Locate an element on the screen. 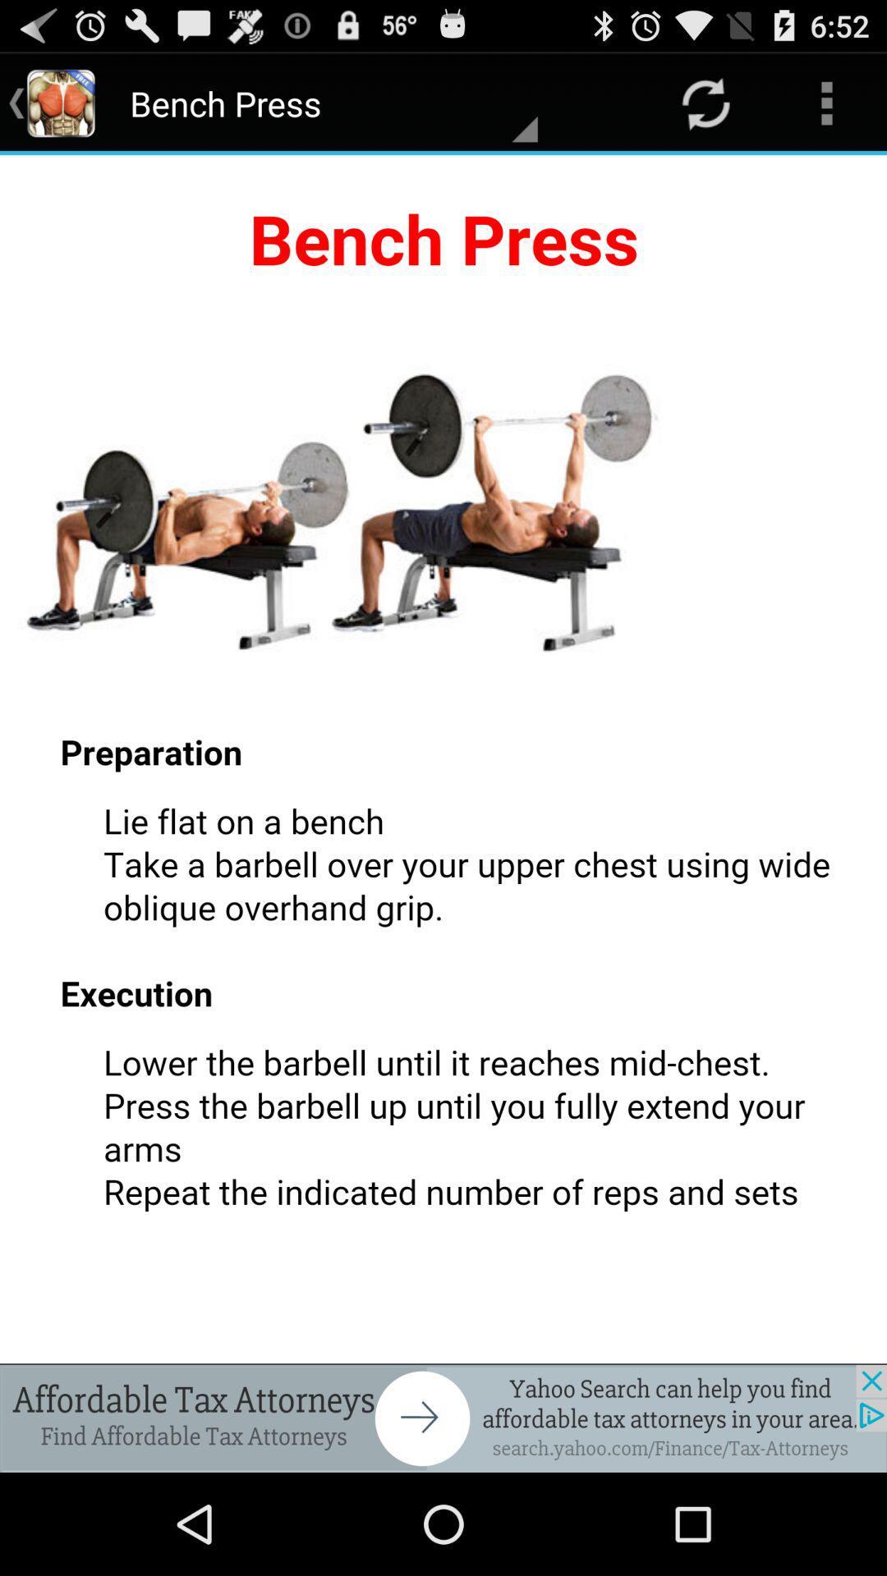 Image resolution: width=887 pixels, height=1576 pixels. connect to link is located at coordinates (443, 1418).